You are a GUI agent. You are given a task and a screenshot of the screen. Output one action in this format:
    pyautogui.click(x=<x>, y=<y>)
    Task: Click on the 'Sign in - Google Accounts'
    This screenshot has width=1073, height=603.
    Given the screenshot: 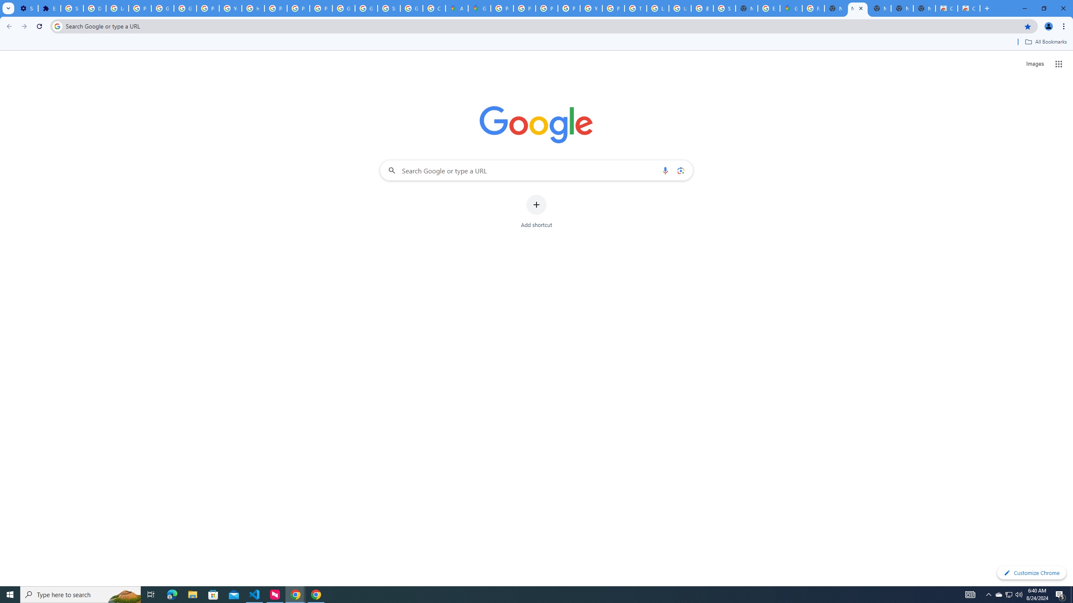 What is the action you would take?
    pyautogui.click(x=724, y=8)
    